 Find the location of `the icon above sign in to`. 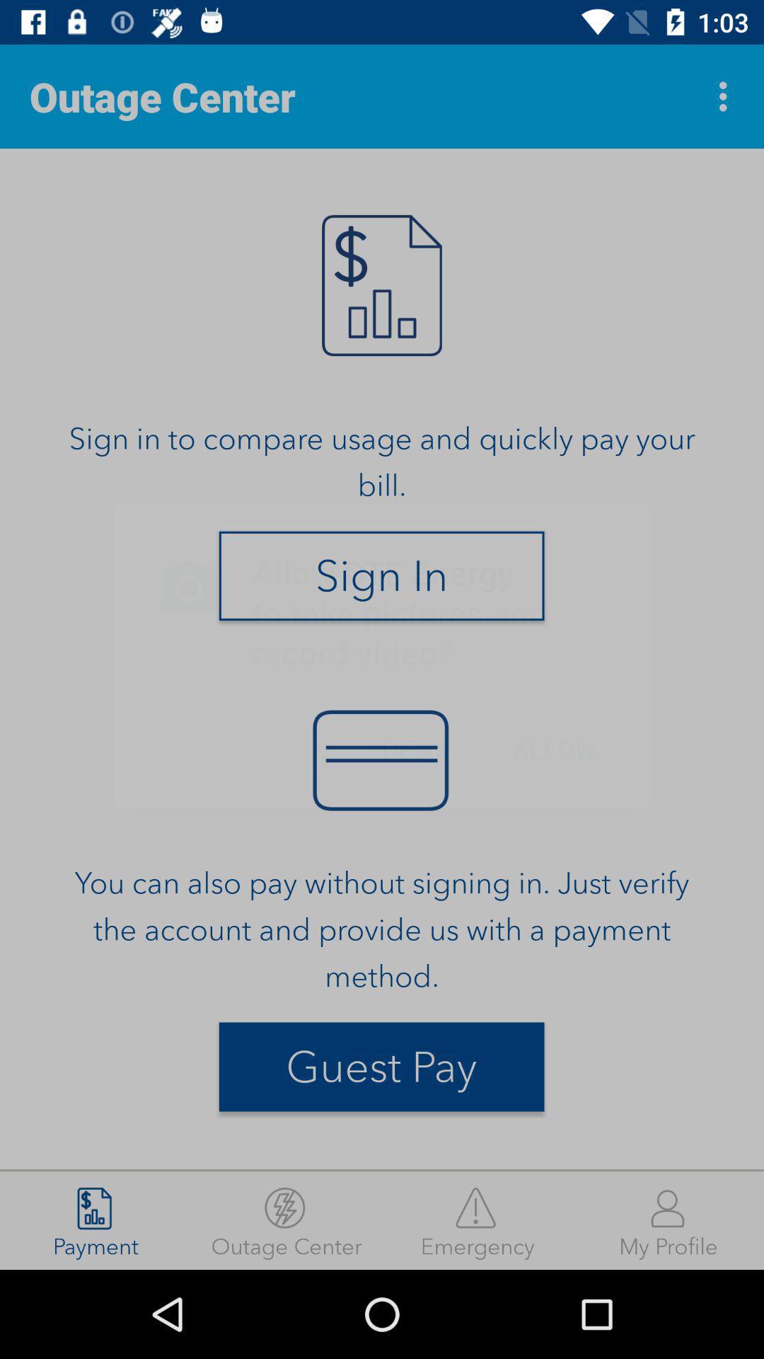

the icon above sign in to is located at coordinates (727, 96).